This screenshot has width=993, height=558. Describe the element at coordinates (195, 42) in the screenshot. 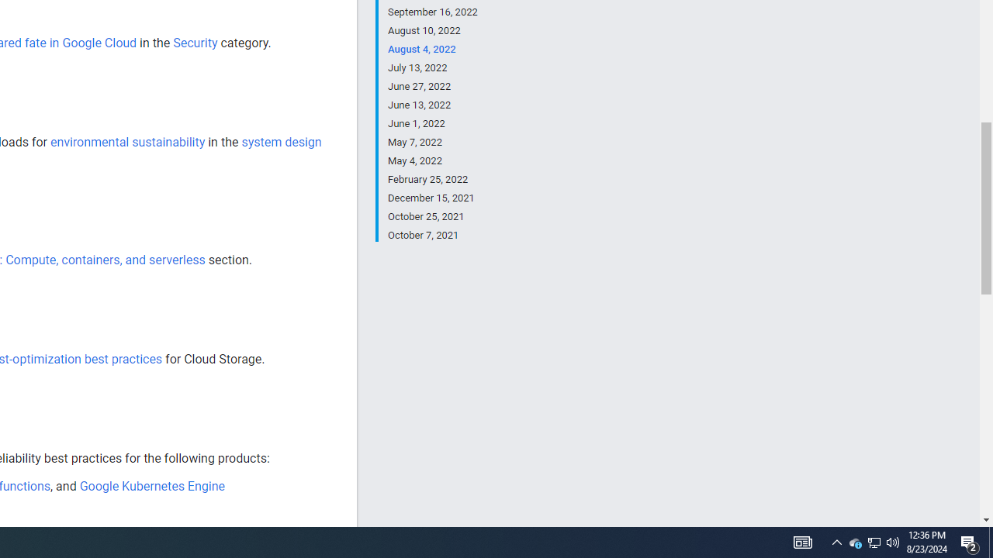

I see `'Security'` at that location.